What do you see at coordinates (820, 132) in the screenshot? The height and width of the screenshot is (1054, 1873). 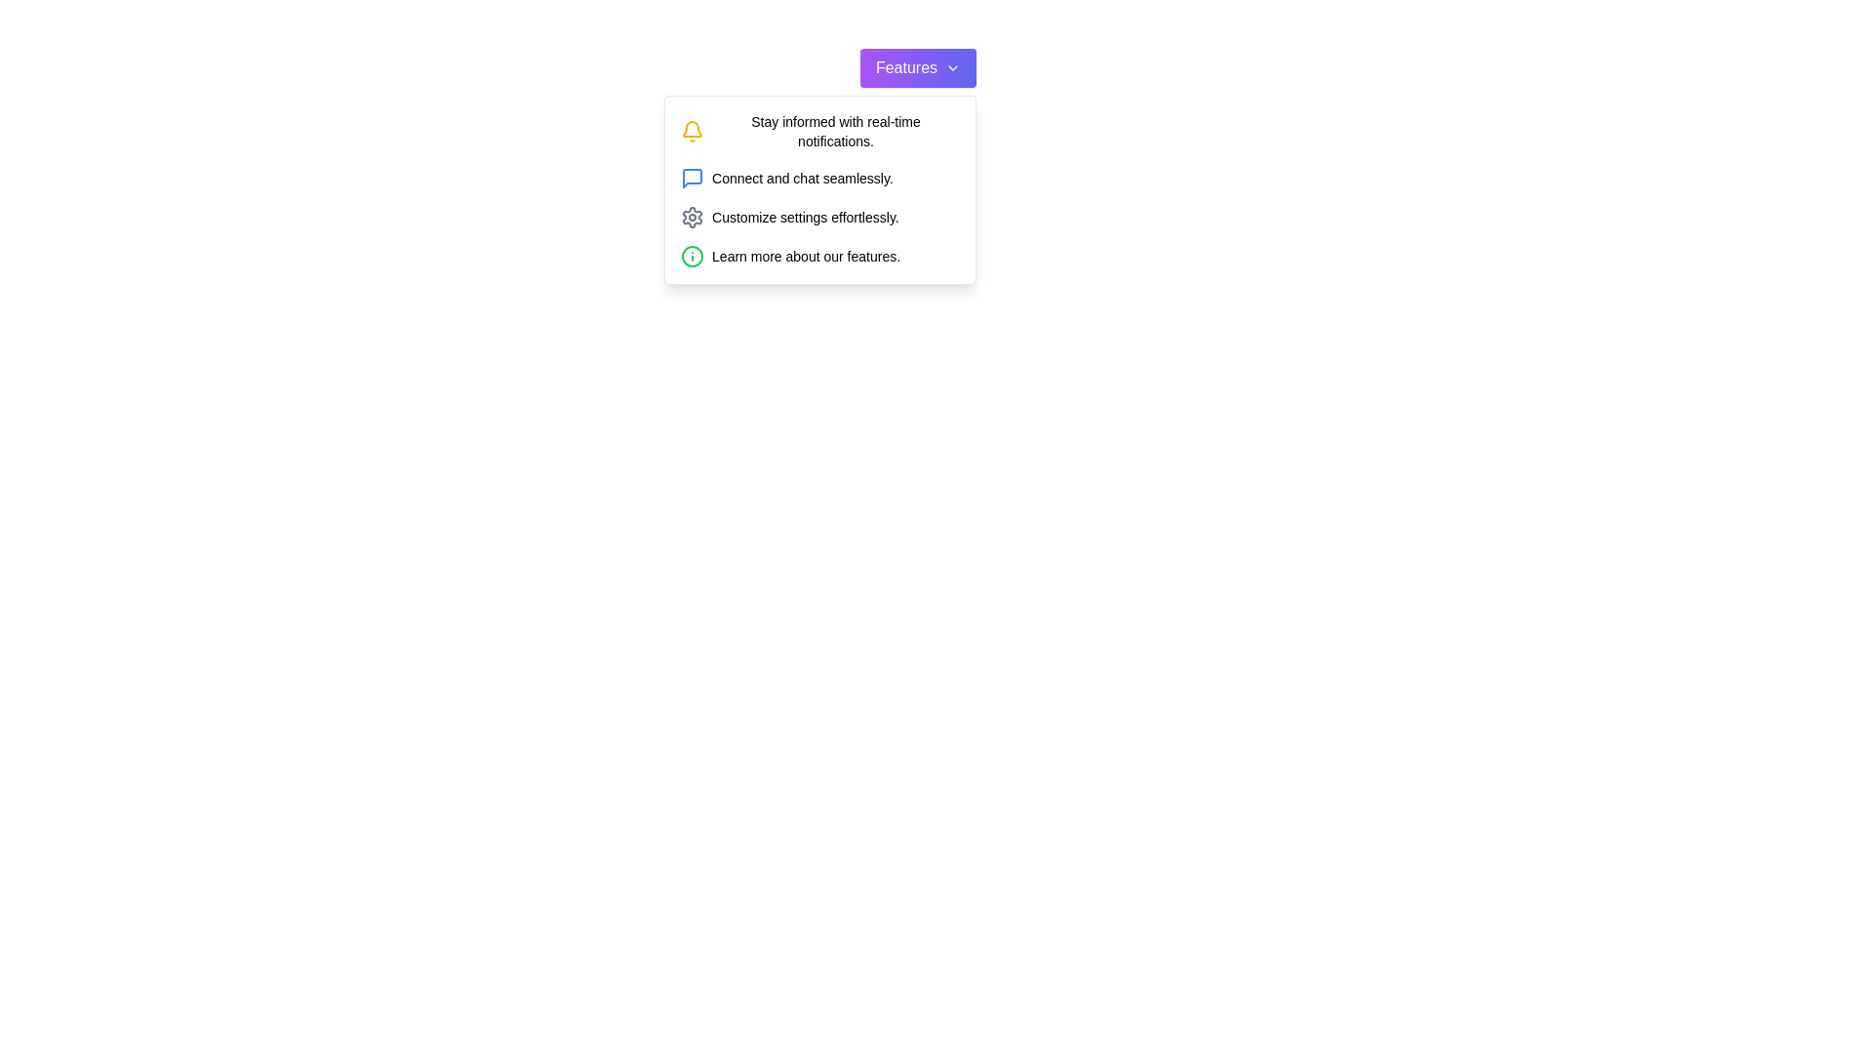 I see `the yellow bell icon next to the text phrase 'Stay informed with real-time notifications.' in the dropdown menu` at bounding box center [820, 132].